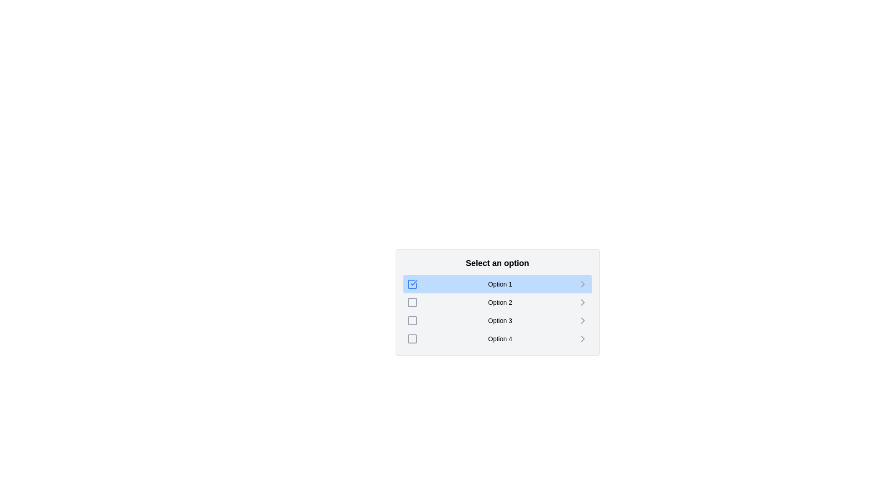 Image resolution: width=875 pixels, height=492 pixels. Describe the element at coordinates (582, 302) in the screenshot. I see `the chevron icon located at the far-right of the 'Option 2' row` at that location.